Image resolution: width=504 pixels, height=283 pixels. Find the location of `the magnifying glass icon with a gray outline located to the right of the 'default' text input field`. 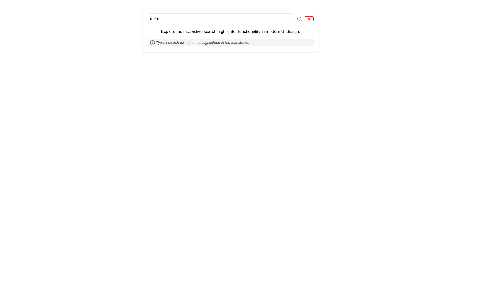

the magnifying glass icon with a gray outline located to the right of the 'default' text input field is located at coordinates (299, 19).